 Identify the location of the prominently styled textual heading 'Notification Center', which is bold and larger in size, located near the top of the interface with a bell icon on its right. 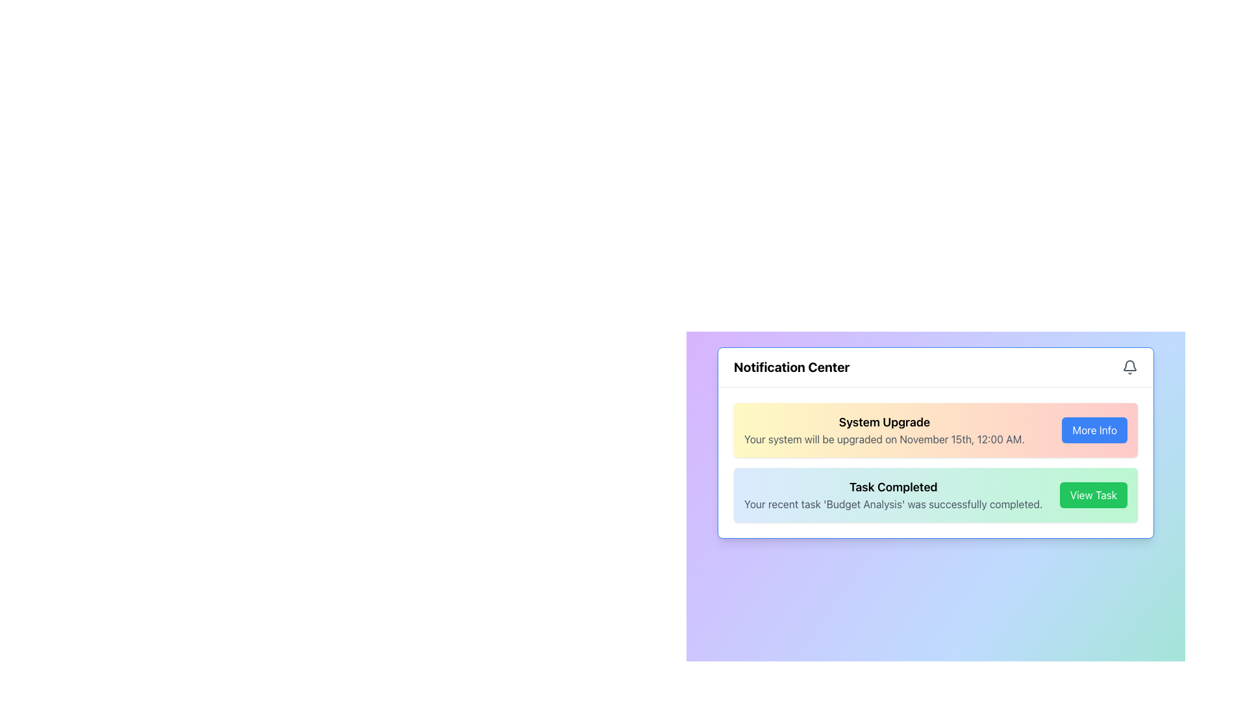
(791, 367).